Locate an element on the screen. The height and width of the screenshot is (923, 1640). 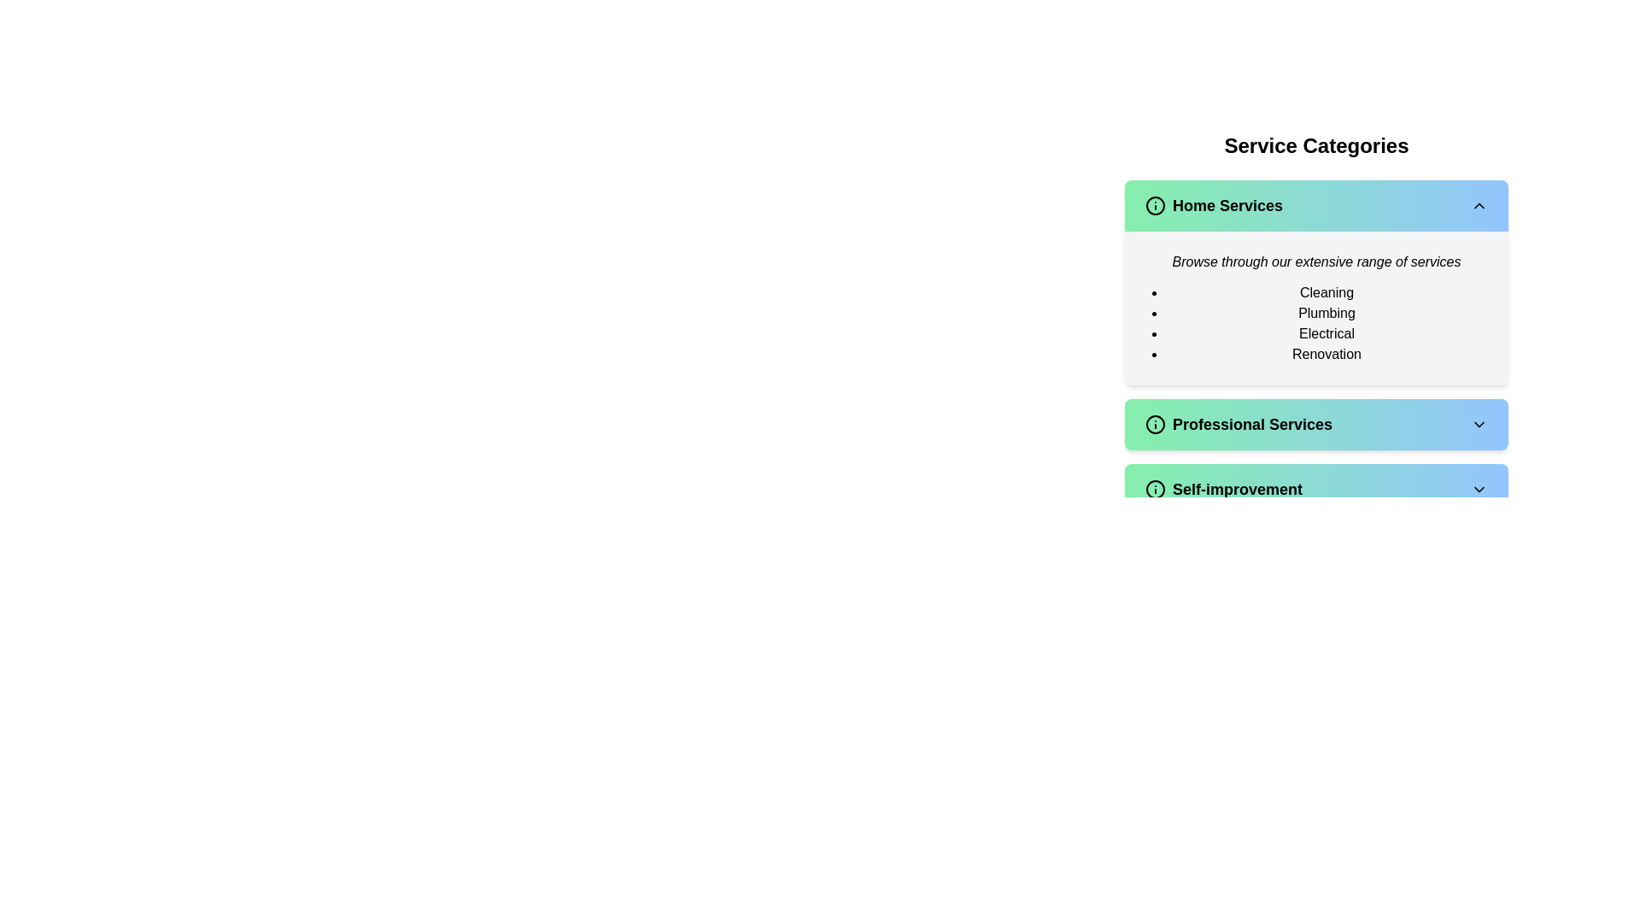
the 'Self-improvement' button, which is a rectangular button with a gradient background from green to blue, located under the 'Service Categories' section is located at coordinates (1315, 490).